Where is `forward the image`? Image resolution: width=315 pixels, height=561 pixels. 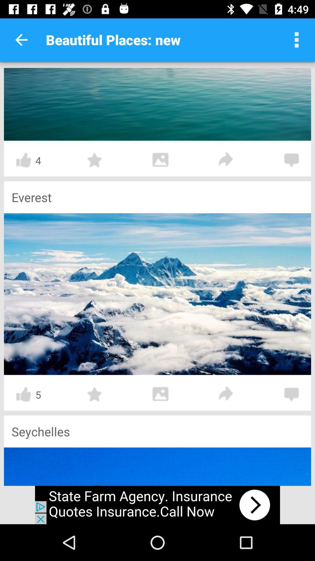 forward the image is located at coordinates (226, 160).